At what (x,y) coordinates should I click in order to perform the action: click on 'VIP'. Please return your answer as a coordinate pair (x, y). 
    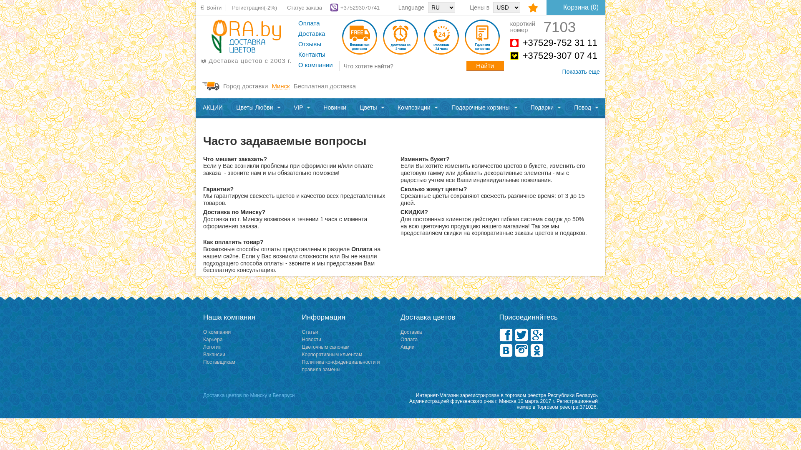
    Looking at the image, I should click on (301, 107).